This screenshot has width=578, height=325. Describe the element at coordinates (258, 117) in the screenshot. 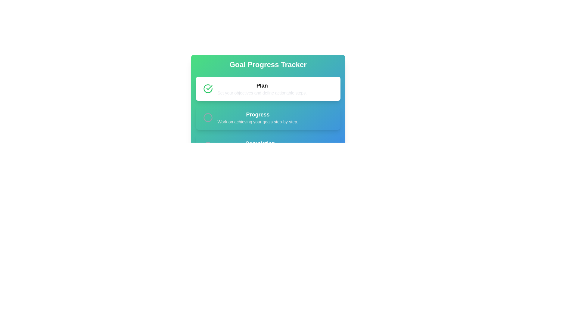

I see `the descriptive text element that provides information about the 'Progress' stage of a goal tracking process, located beneath the 'Plan' section in the second vertical segment` at that location.